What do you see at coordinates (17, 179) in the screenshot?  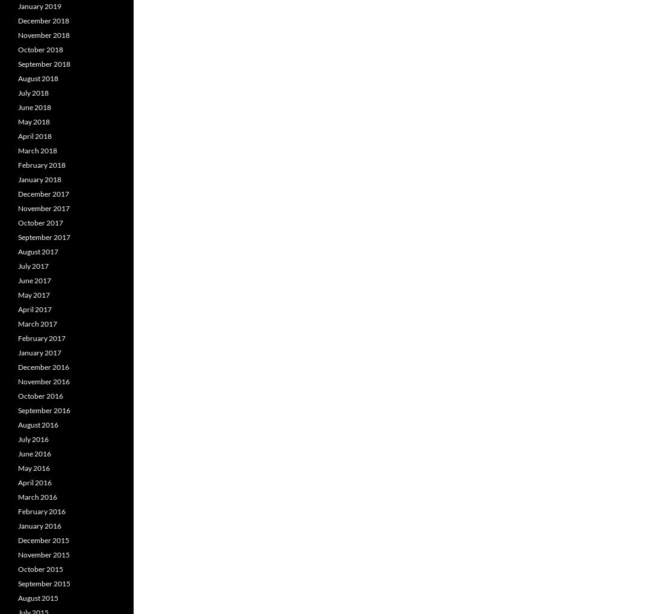 I see `'January 2018'` at bounding box center [17, 179].